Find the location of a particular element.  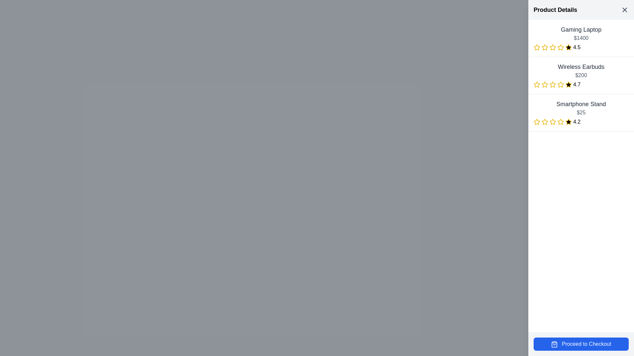

the text label for the 'Gaming Laptop' product located at the top of the first item in the product listing, which is positioned above the price label '$1400' is located at coordinates (581, 29).